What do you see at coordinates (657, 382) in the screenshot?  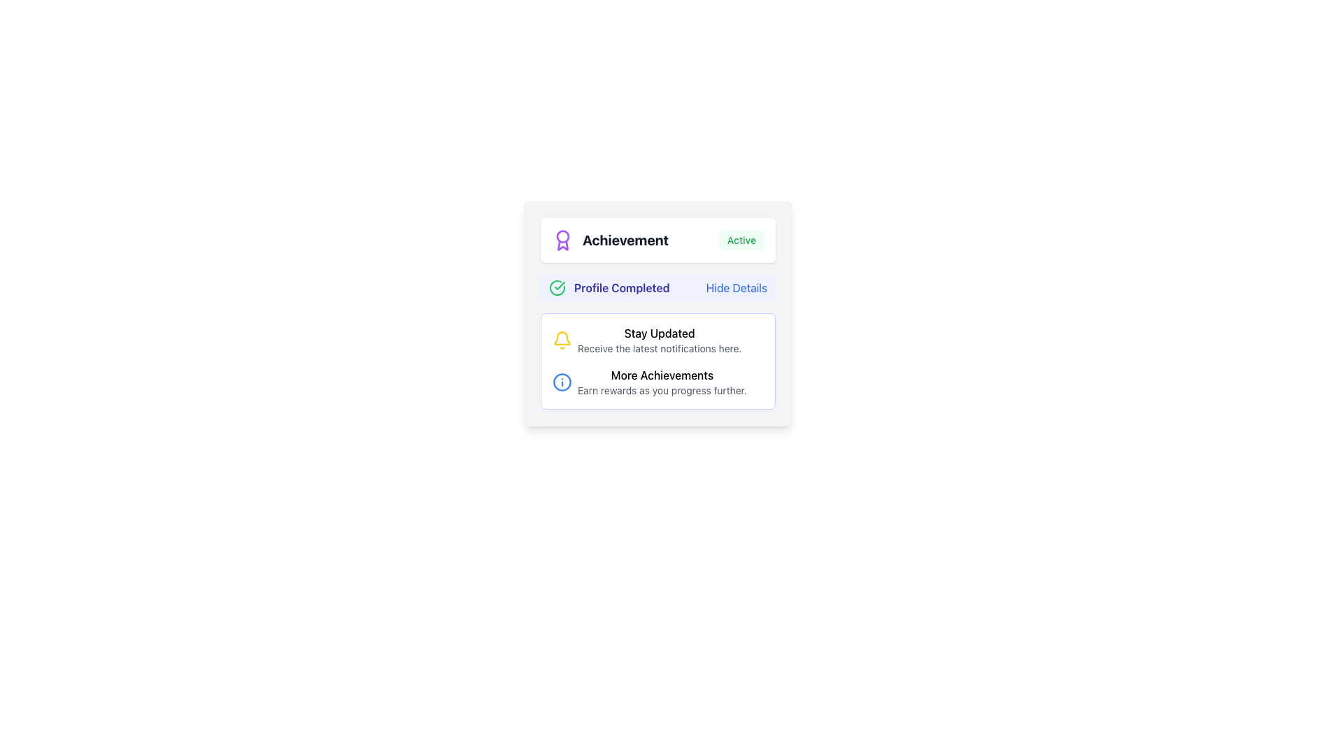 I see `the 'More Achievements' Informative Text Block, which contains a blue information icon and bolded header` at bounding box center [657, 382].